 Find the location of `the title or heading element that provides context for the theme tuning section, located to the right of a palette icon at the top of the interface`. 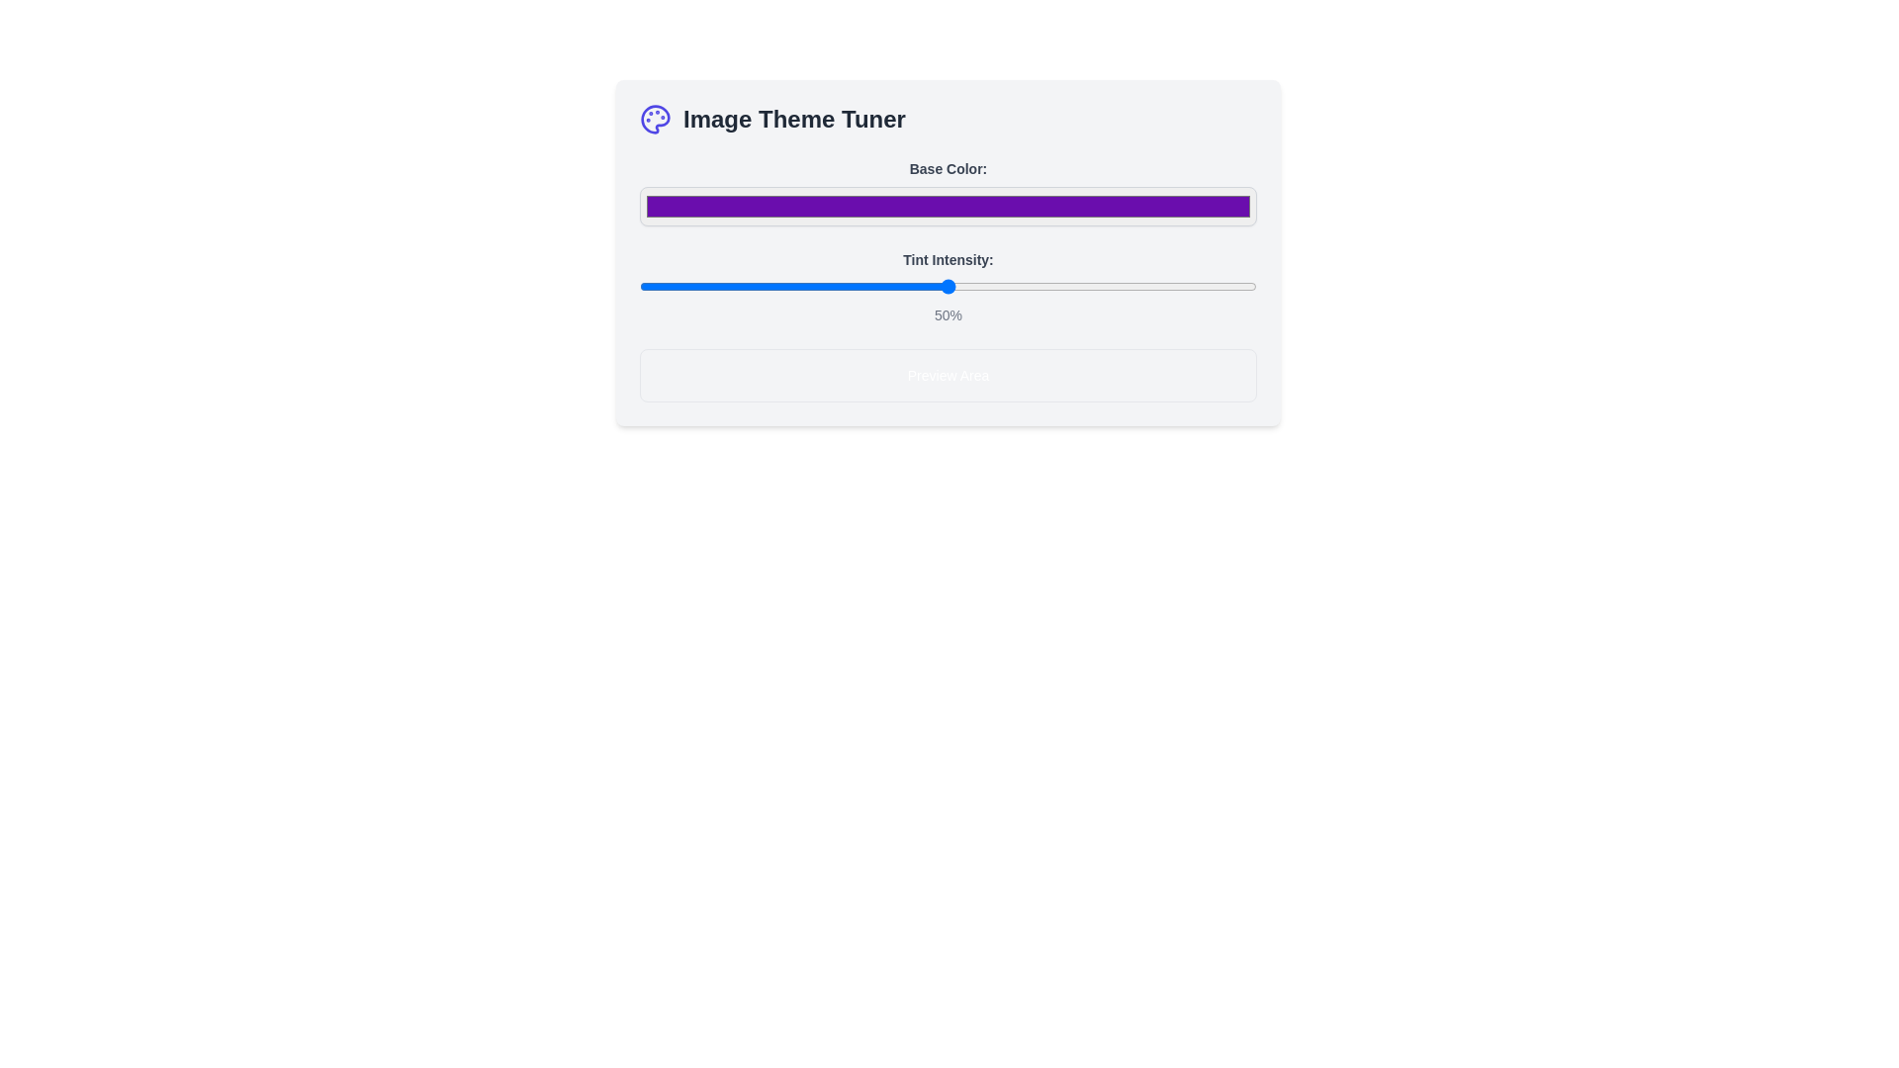

the title or heading element that provides context for the theme tuning section, located to the right of a palette icon at the top of the interface is located at coordinates (794, 119).